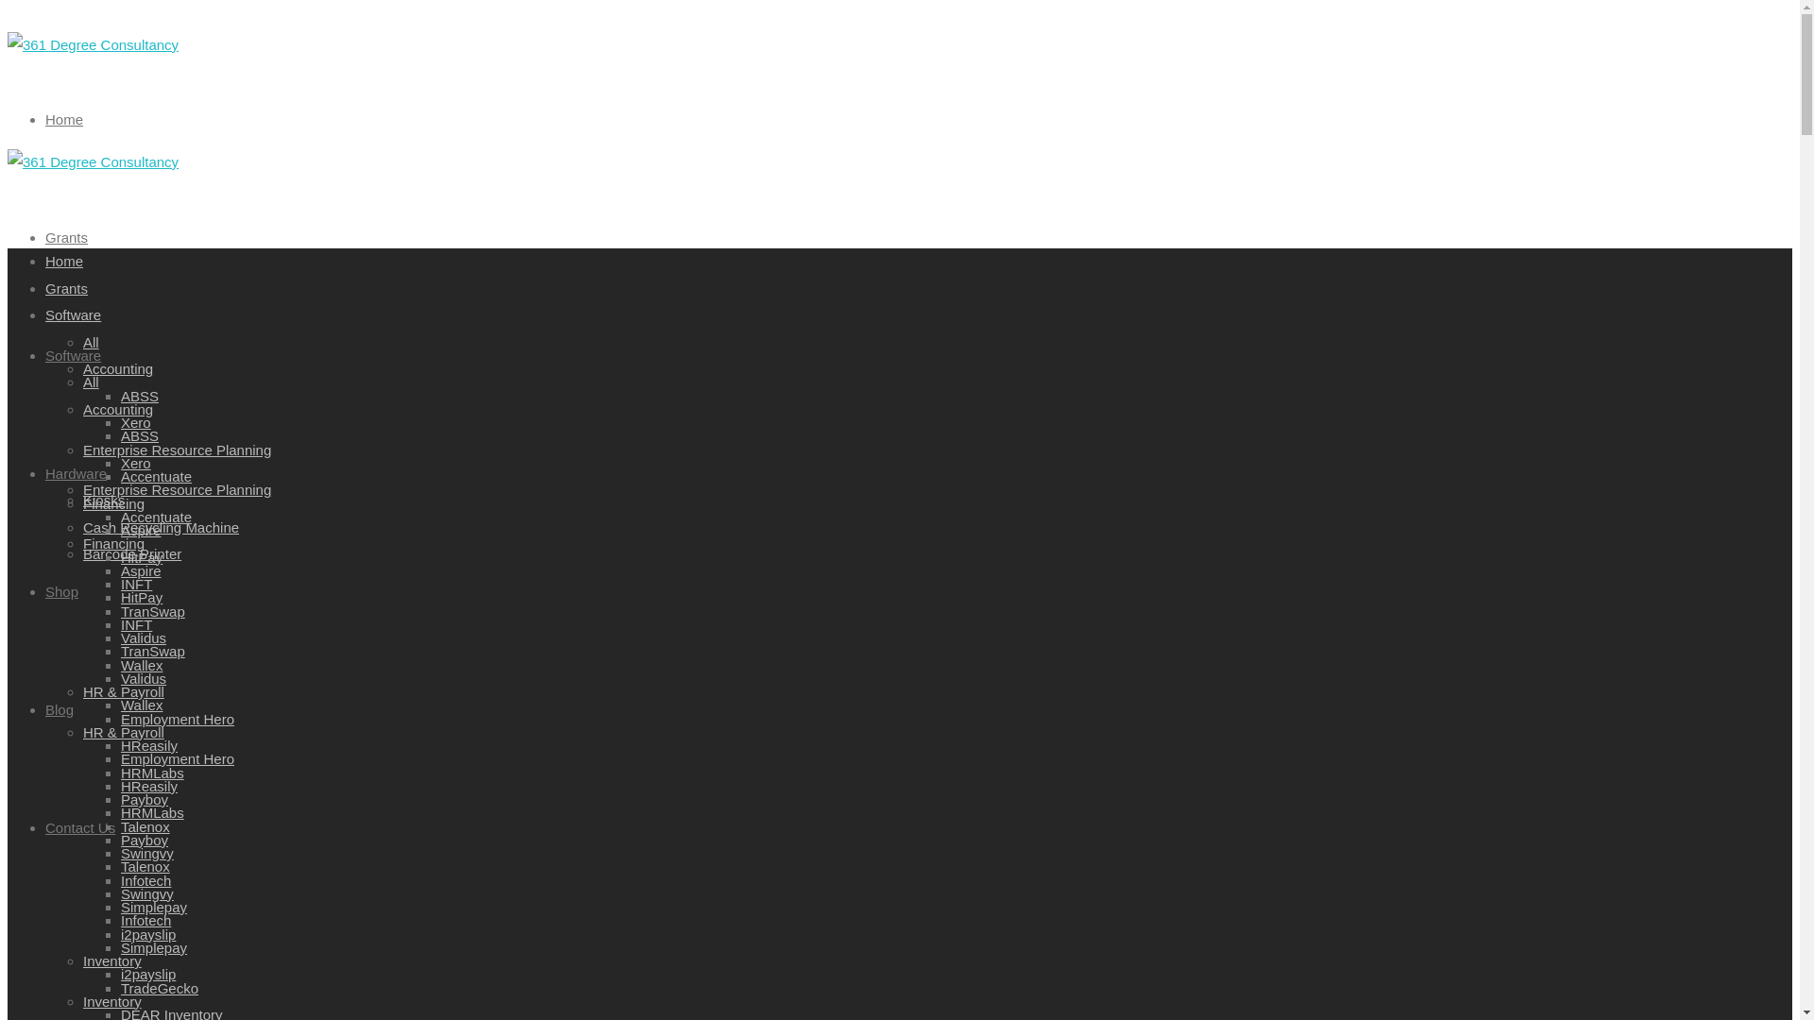  Describe the element at coordinates (148, 744) in the screenshot. I see `'HReasily'` at that location.